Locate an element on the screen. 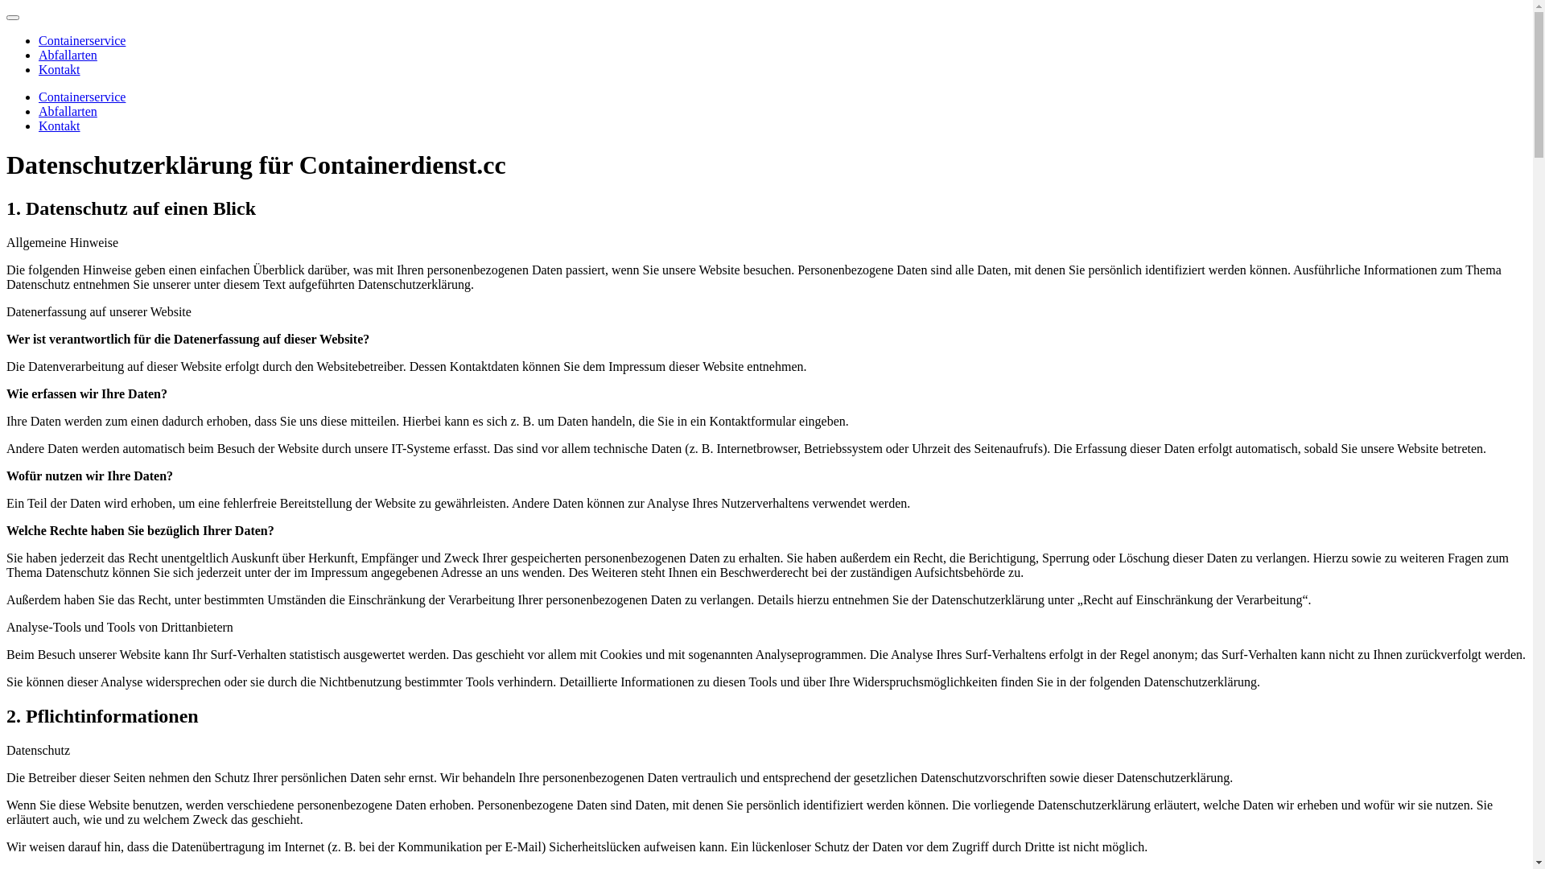 The height and width of the screenshot is (869, 1545). 'Kontakt' is located at coordinates (39, 68).